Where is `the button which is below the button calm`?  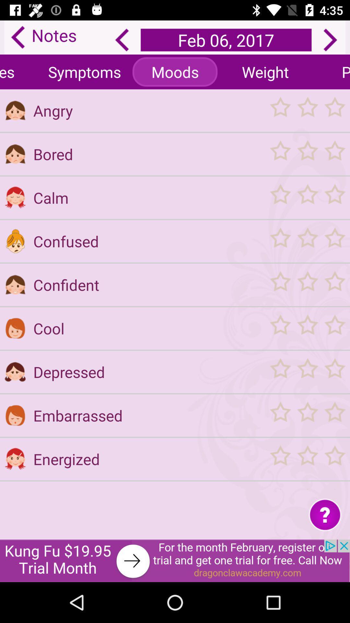
the button which is below the button calm is located at coordinates (147, 241).